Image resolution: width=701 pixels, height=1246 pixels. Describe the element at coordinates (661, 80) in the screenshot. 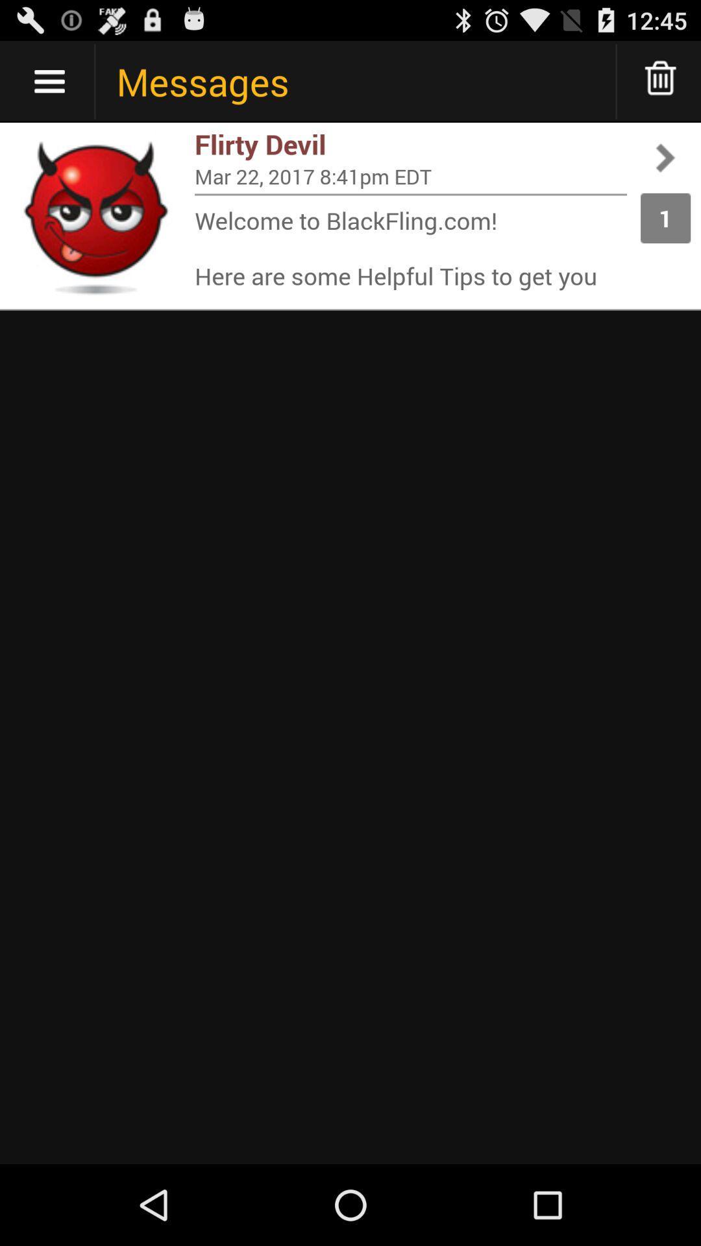

I see `the icon above the flirty devil item` at that location.